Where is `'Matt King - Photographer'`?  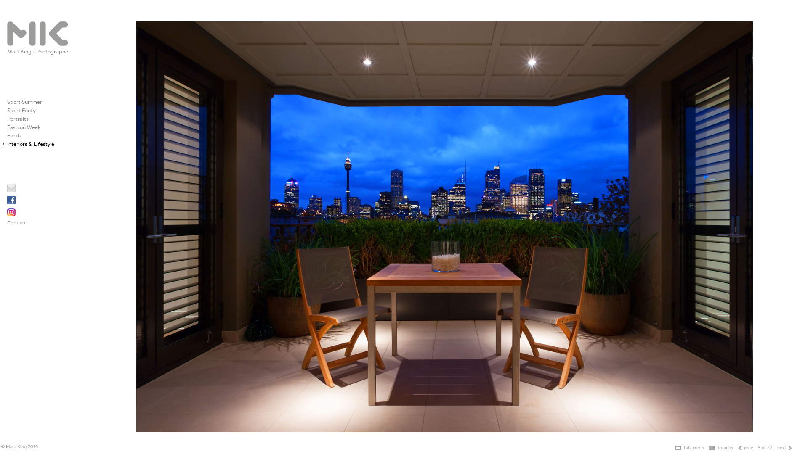 'Matt King - Photographer' is located at coordinates (38, 51).